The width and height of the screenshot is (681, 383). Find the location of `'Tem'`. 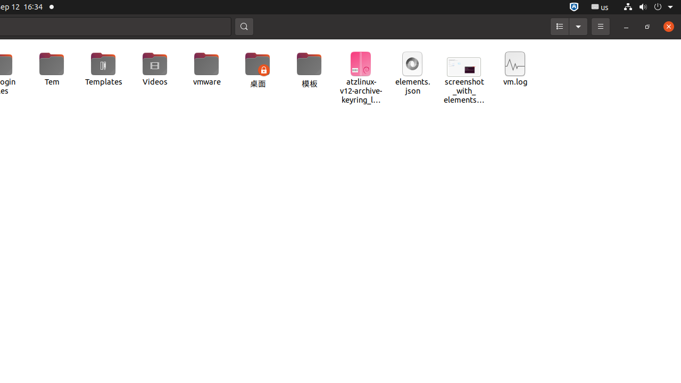

'Tem' is located at coordinates (51, 69).